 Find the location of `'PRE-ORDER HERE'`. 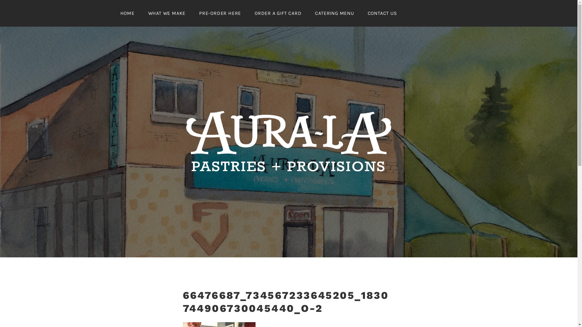

'PRE-ORDER HERE' is located at coordinates (219, 13).